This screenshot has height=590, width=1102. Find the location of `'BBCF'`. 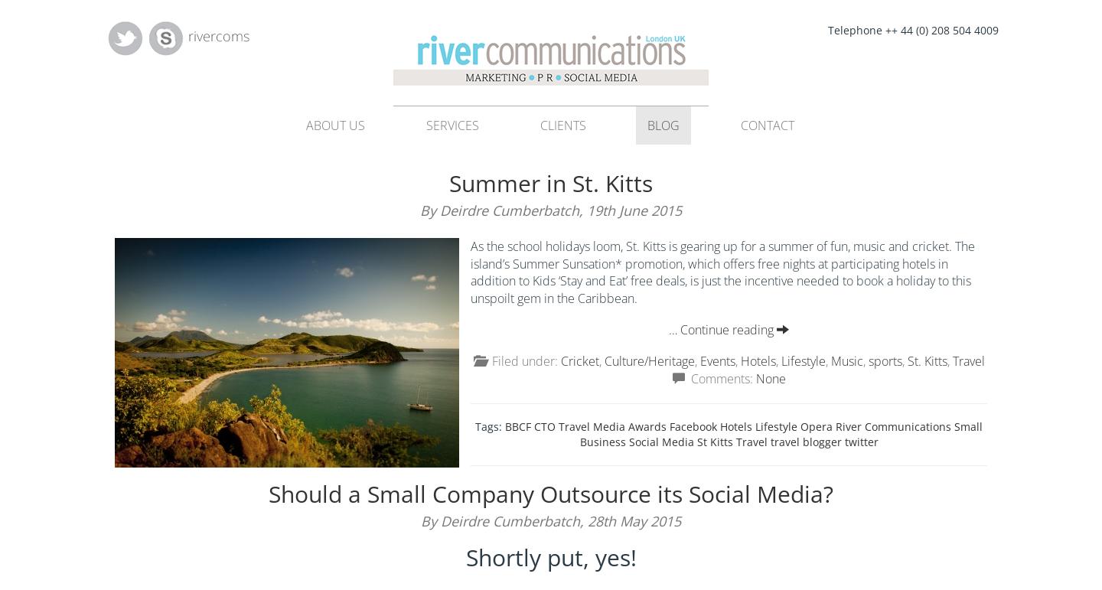

'BBCF' is located at coordinates (517, 425).